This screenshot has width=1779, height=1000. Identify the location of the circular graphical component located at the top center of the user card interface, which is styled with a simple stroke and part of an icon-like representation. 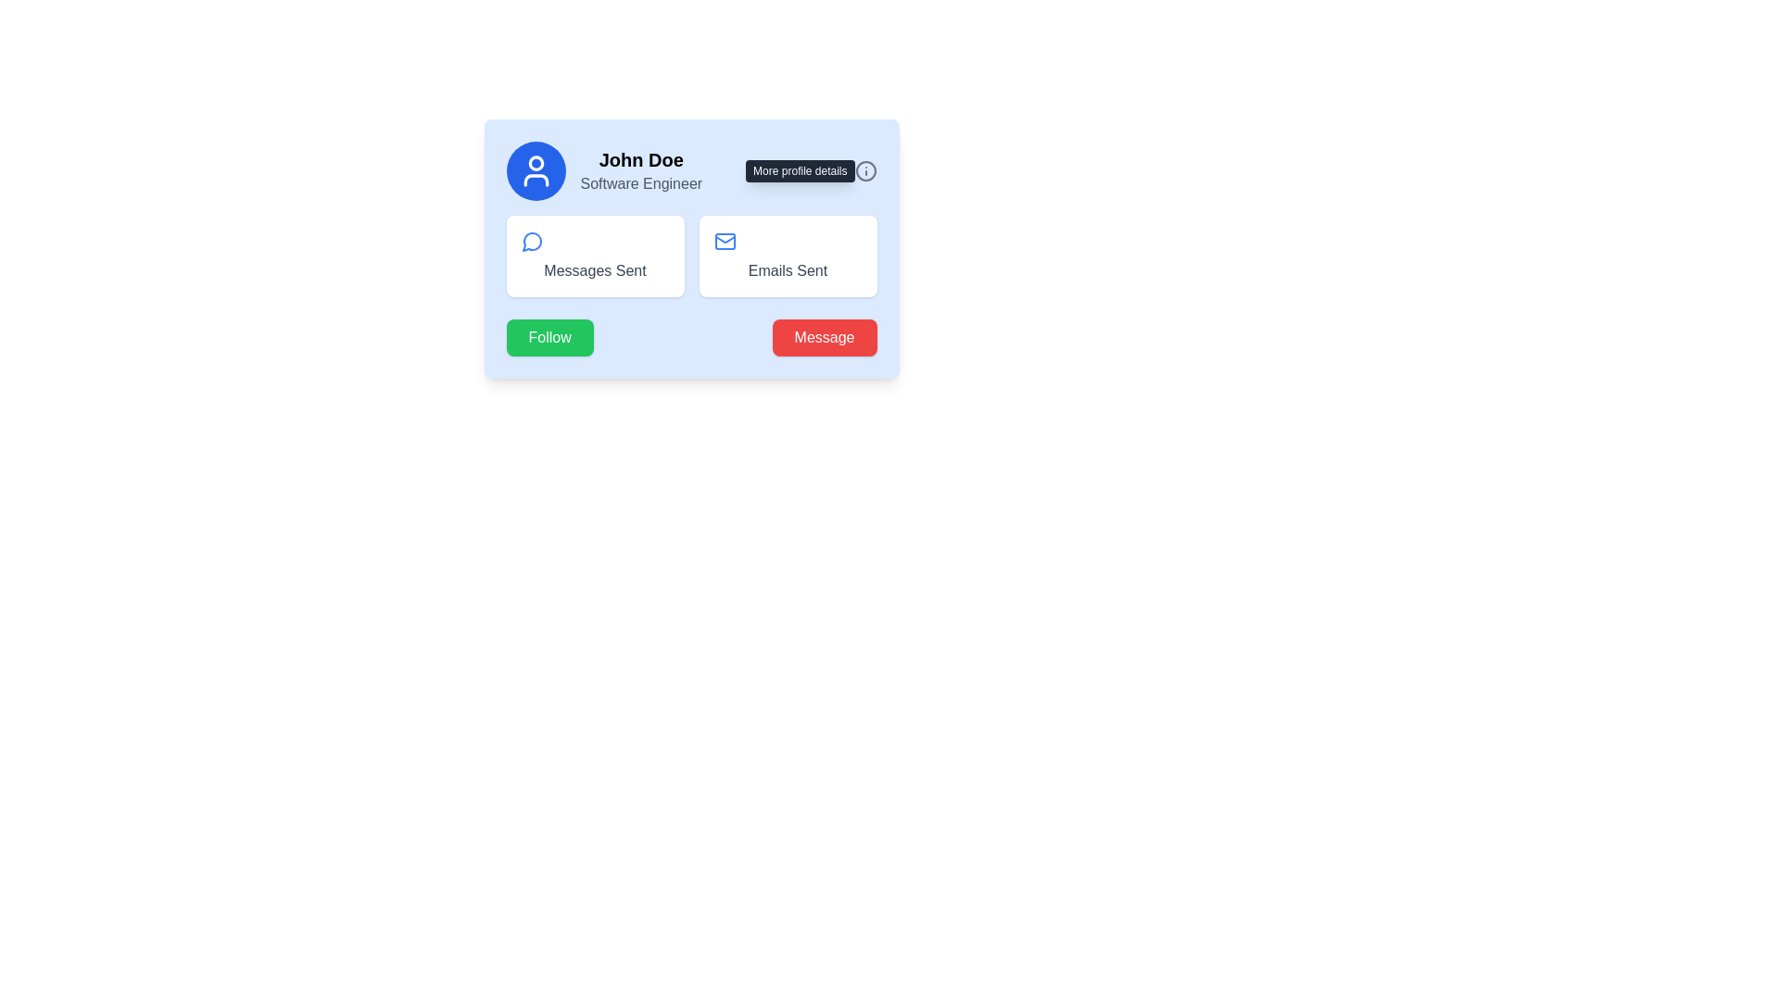
(535, 162).